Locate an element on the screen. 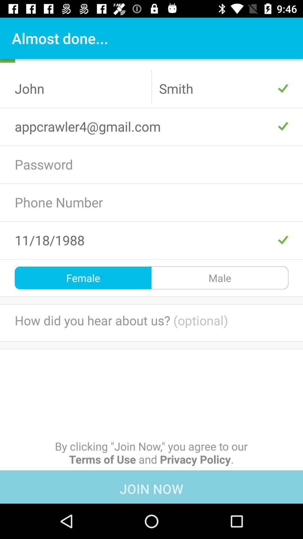 The image size is (303, 539). female is located at coordinates (83, 278).